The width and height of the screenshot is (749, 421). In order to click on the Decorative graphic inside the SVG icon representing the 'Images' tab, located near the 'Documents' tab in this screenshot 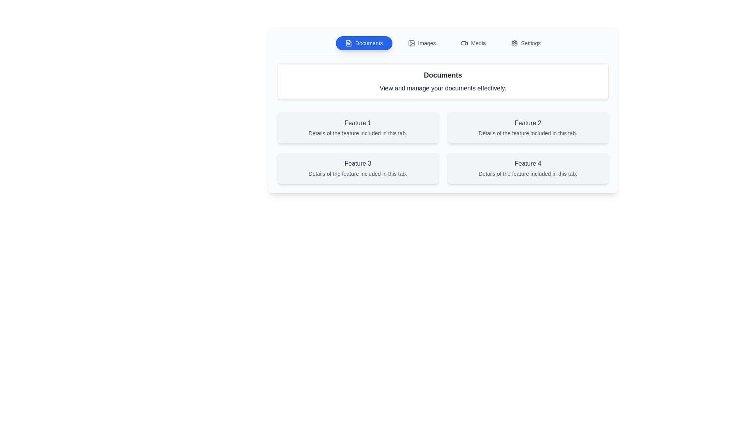, I will do `click(411, 43)`.